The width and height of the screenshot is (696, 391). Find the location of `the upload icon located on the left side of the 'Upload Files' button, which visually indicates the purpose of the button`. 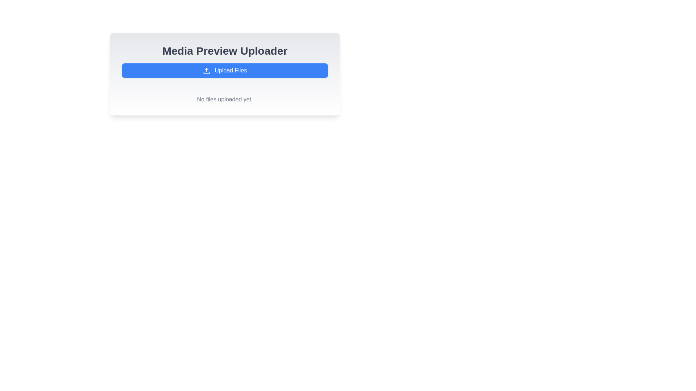

the upload icon located on the left side of the 'Upload Files' button, which visually indicates the purpose of the button is located at coordinates (206, 71).